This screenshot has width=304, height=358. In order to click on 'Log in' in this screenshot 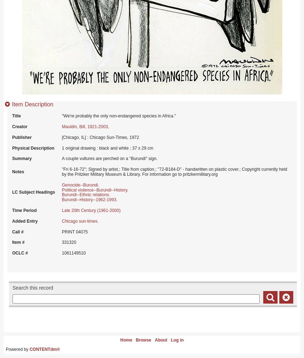, I will do `click(177, 340)`.